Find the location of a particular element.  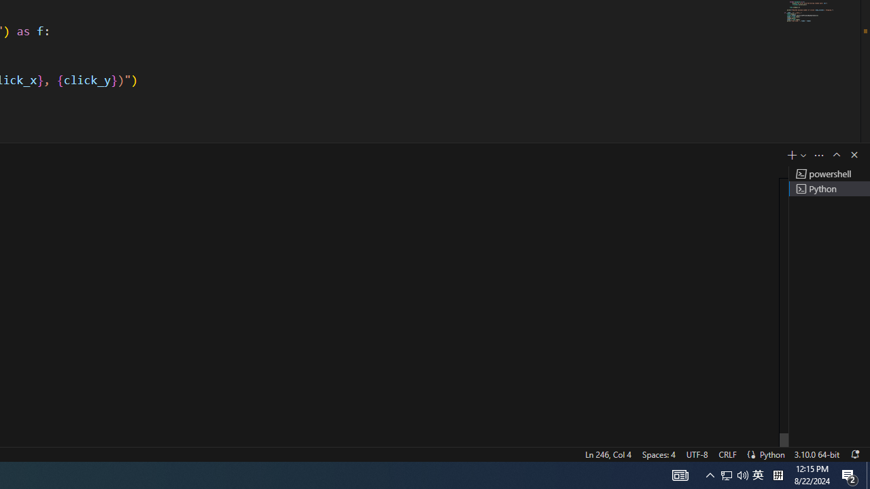

'Launch Profile...' is located at coordinates (803, 154).